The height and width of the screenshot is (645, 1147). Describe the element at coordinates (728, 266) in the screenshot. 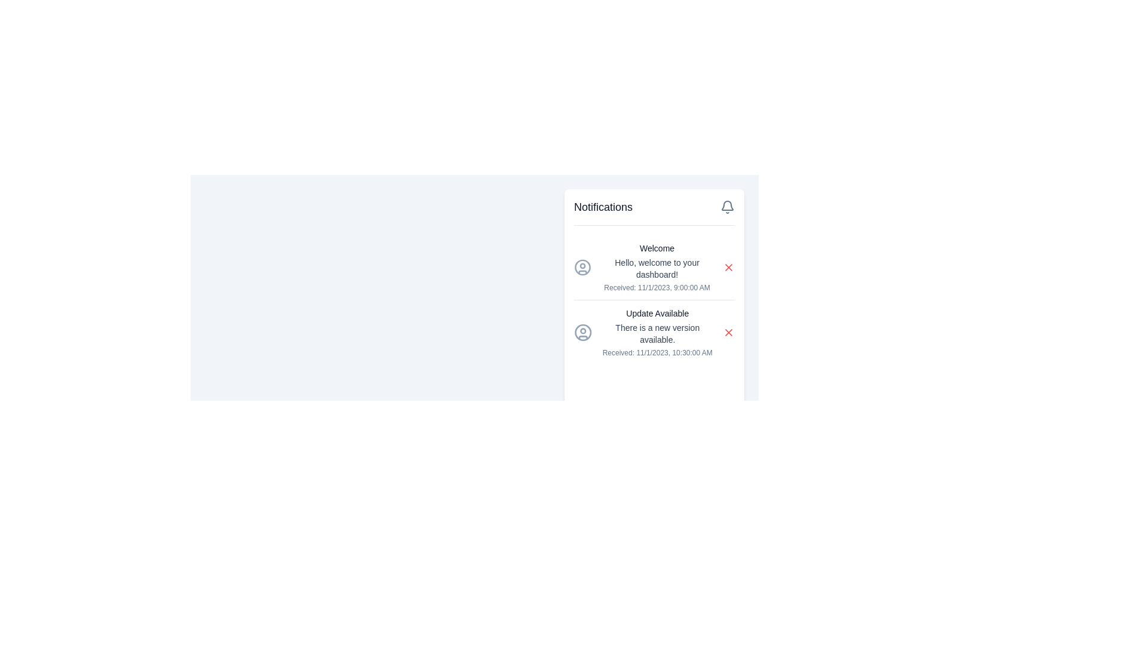

I see `the red cross icon` at that location.